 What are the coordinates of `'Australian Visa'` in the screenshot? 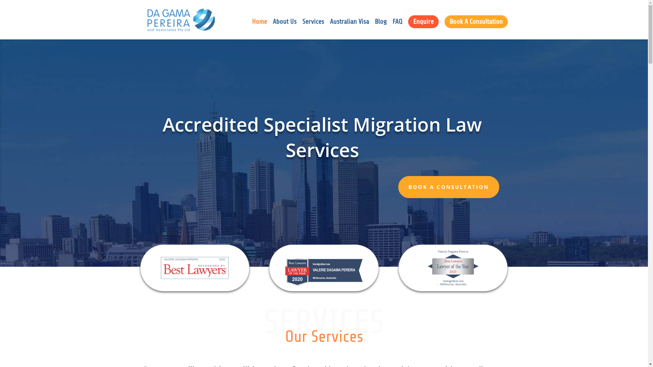 It's located at (349, 29).